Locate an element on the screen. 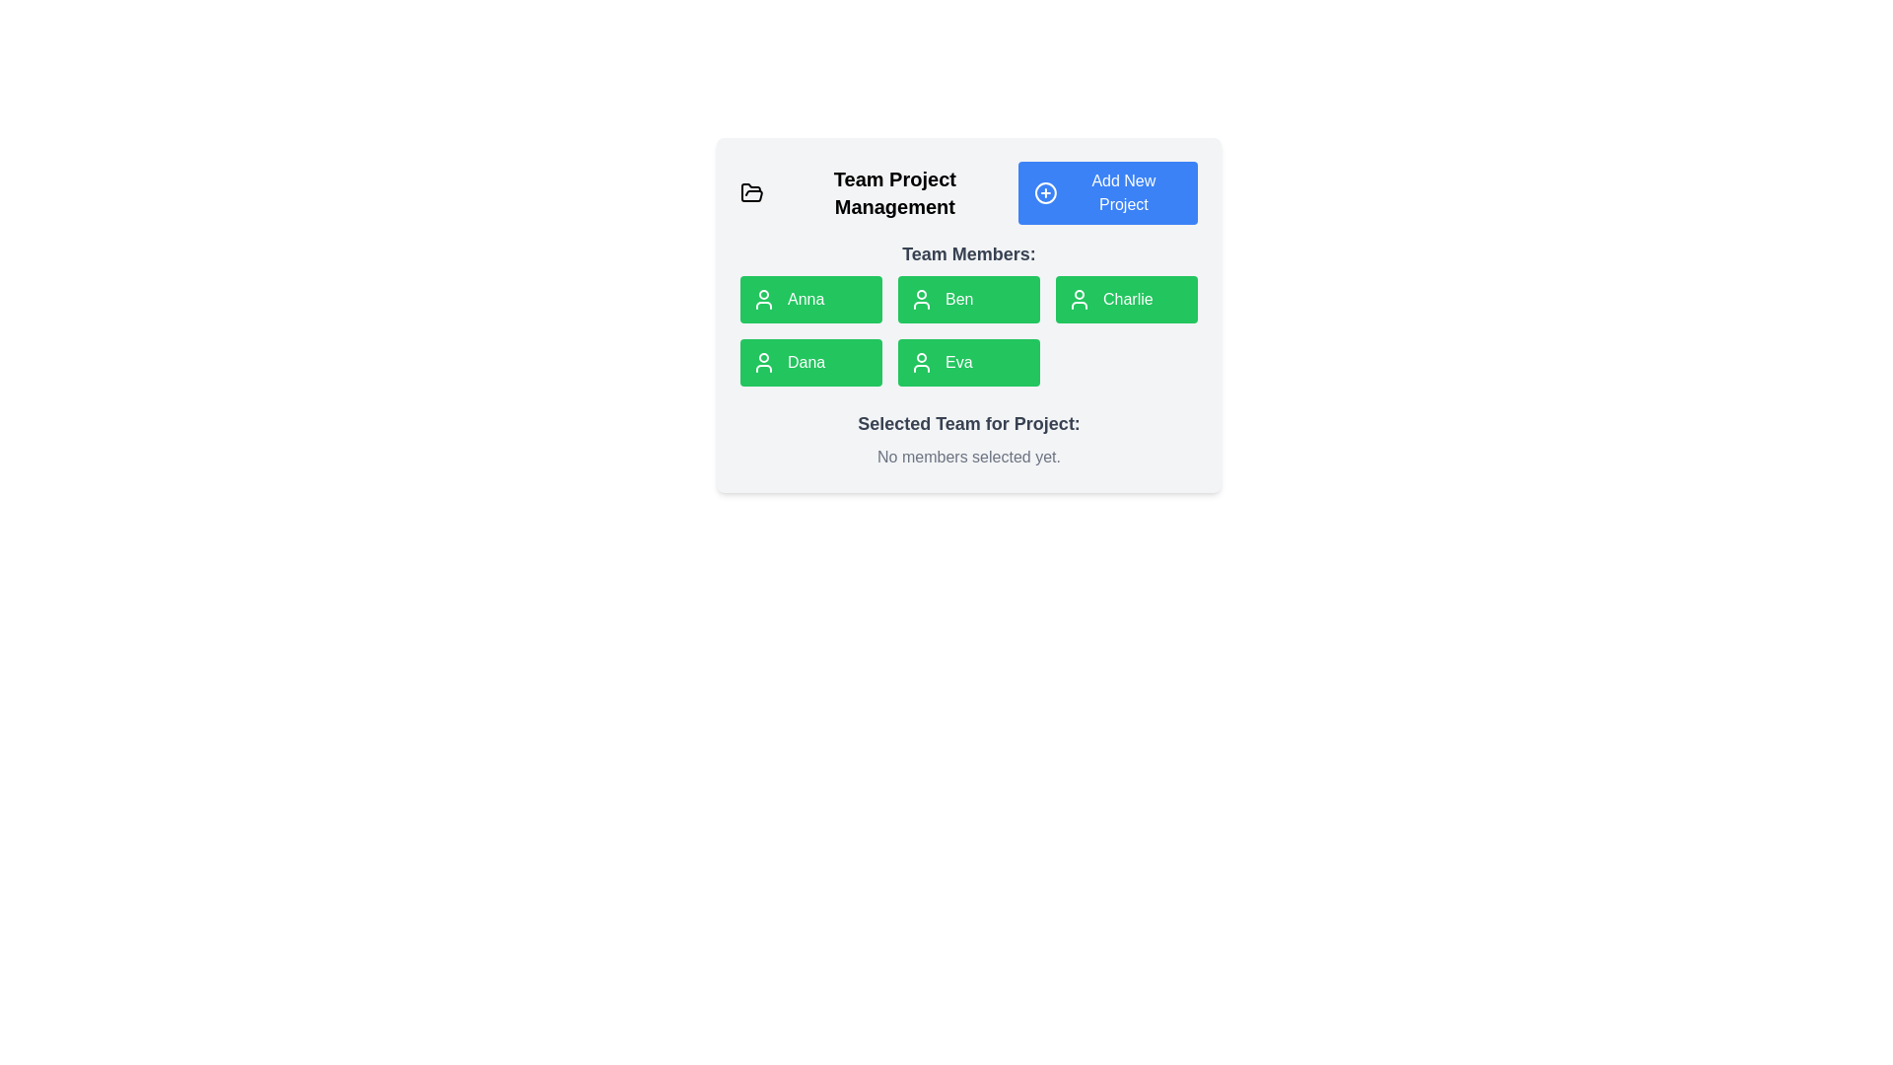 This screenshot has width=1893, height=1065. the third button labeled 'Charlie' in the 'Team Members' section is located at coordinates (1126, 300).